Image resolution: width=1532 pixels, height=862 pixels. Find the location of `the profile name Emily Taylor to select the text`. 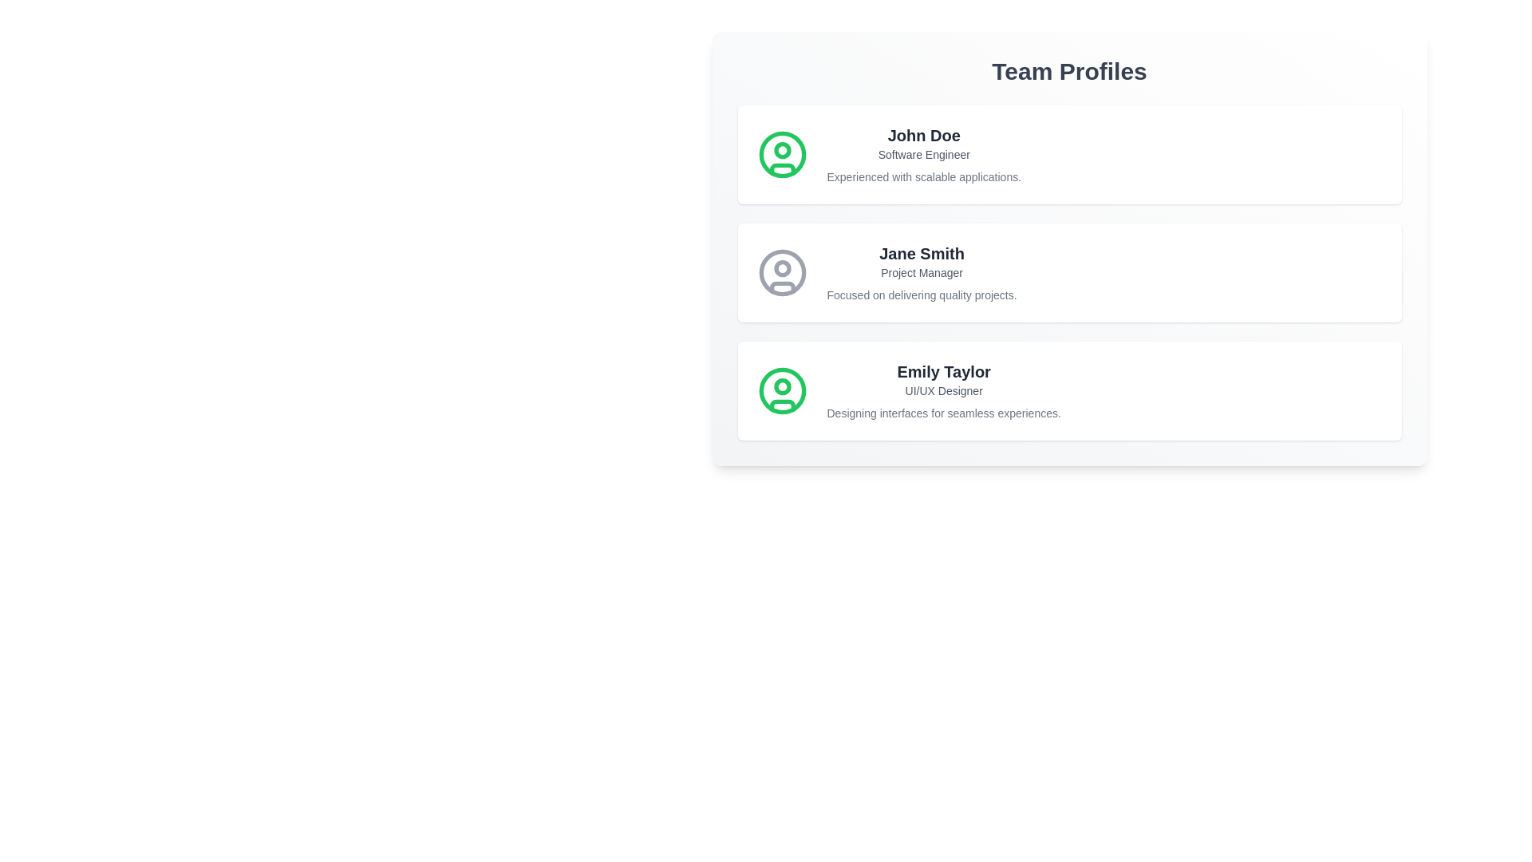

the profile name Emily Taylor to select the text is located at coordinates (944, 372).